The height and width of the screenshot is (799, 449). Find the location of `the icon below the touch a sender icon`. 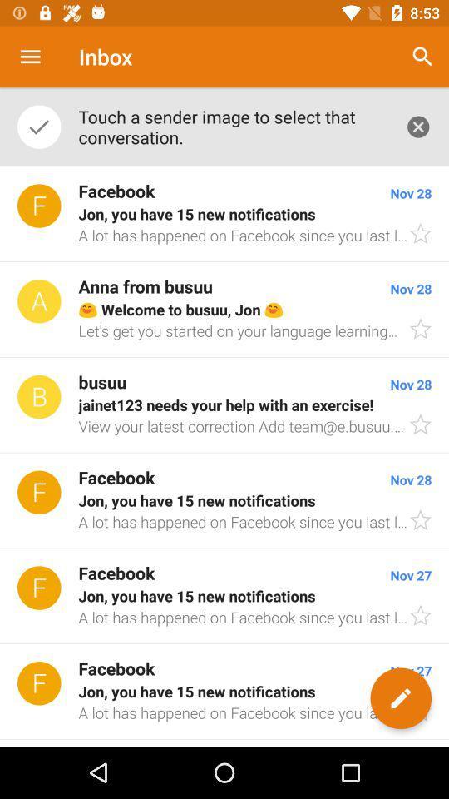

the icon below the touch a sender icon is located at coordinates (224, 213).